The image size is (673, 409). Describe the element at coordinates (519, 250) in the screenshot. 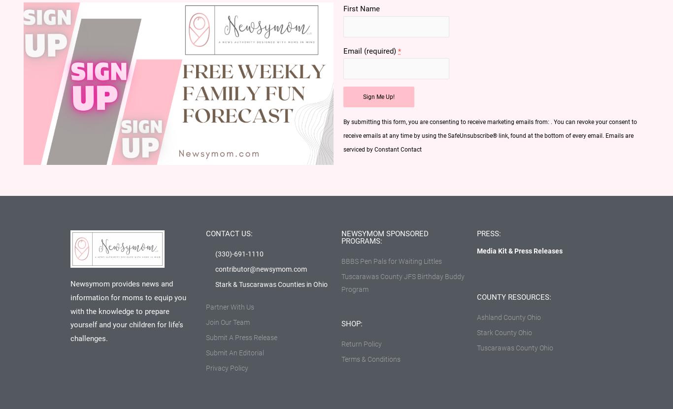

I see `'Media Kit & Press Releases'` at that location.